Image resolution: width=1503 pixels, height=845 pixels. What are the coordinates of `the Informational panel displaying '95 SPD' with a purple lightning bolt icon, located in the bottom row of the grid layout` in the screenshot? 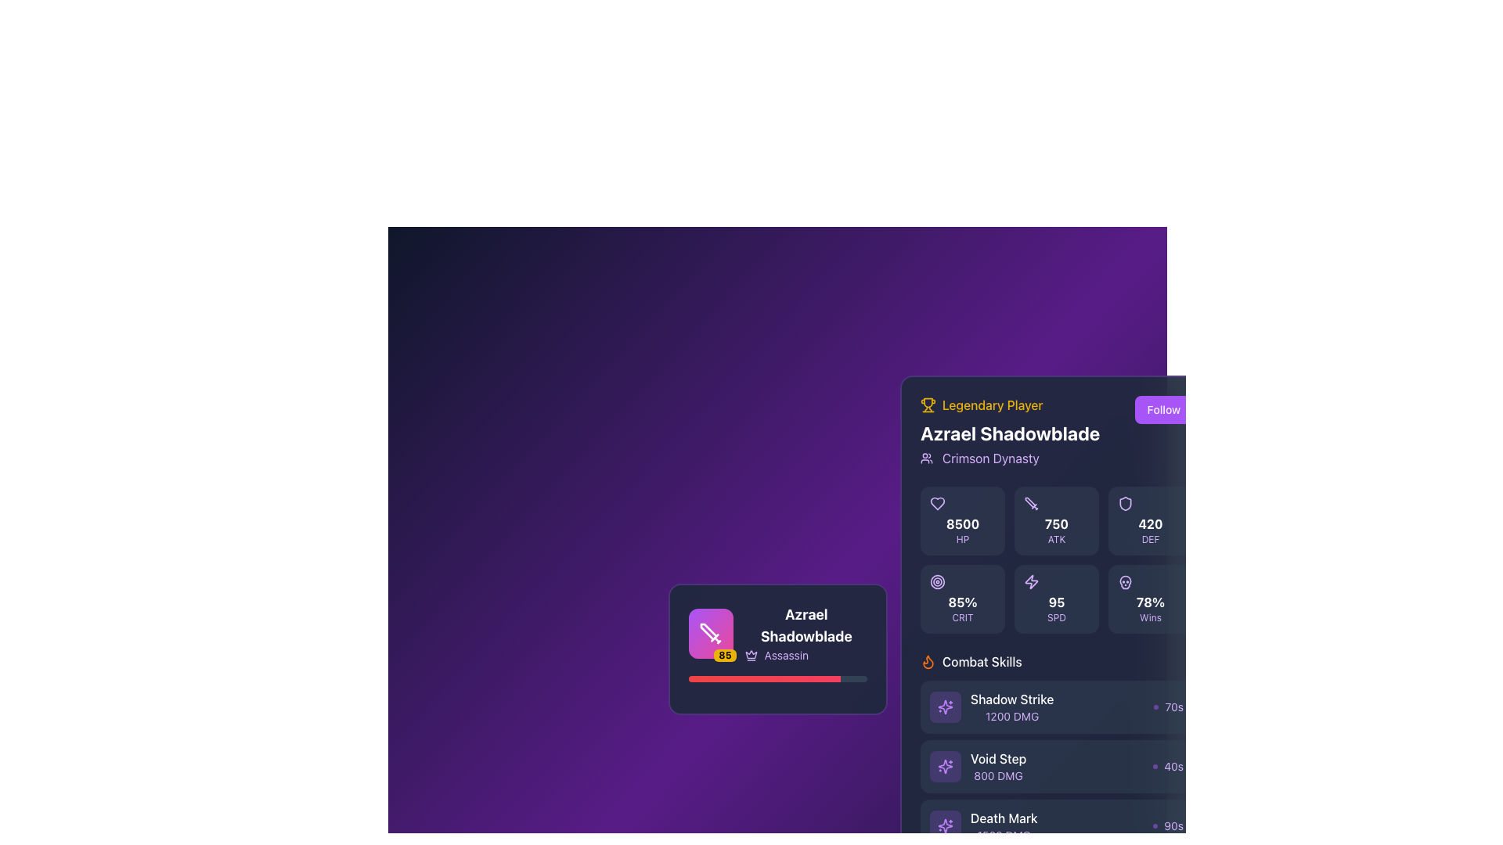 It's located at (1056, 599).